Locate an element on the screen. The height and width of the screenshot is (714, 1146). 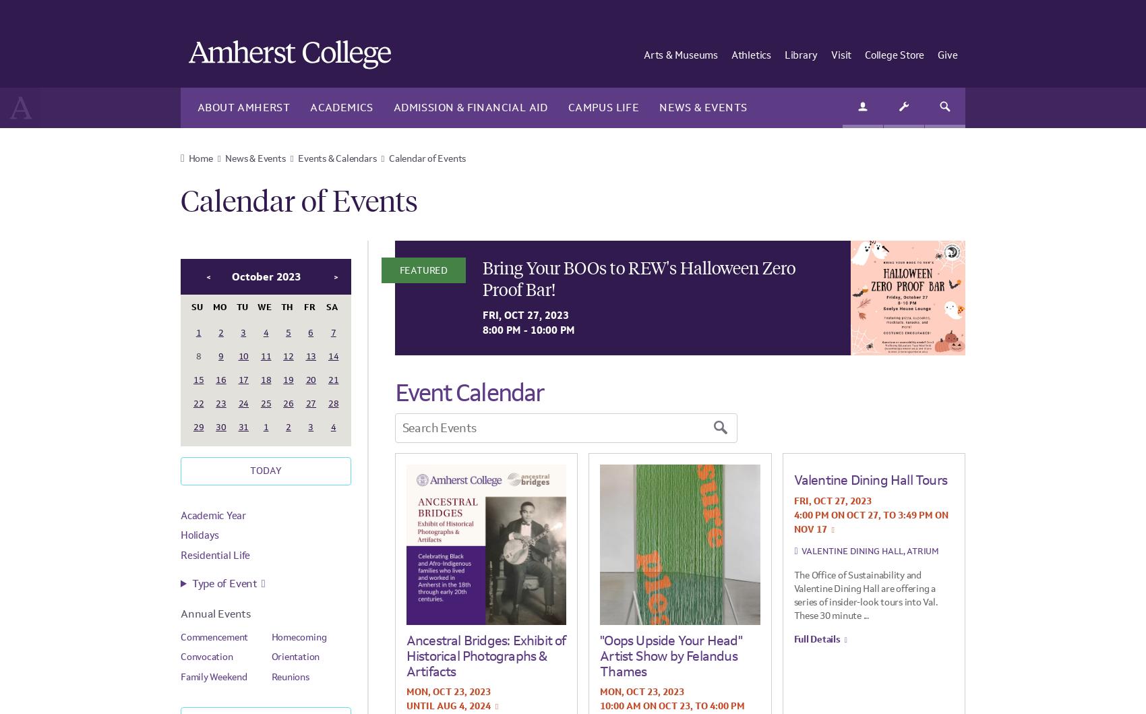
'Arts & Museums' is located at coordinates (680, 55).